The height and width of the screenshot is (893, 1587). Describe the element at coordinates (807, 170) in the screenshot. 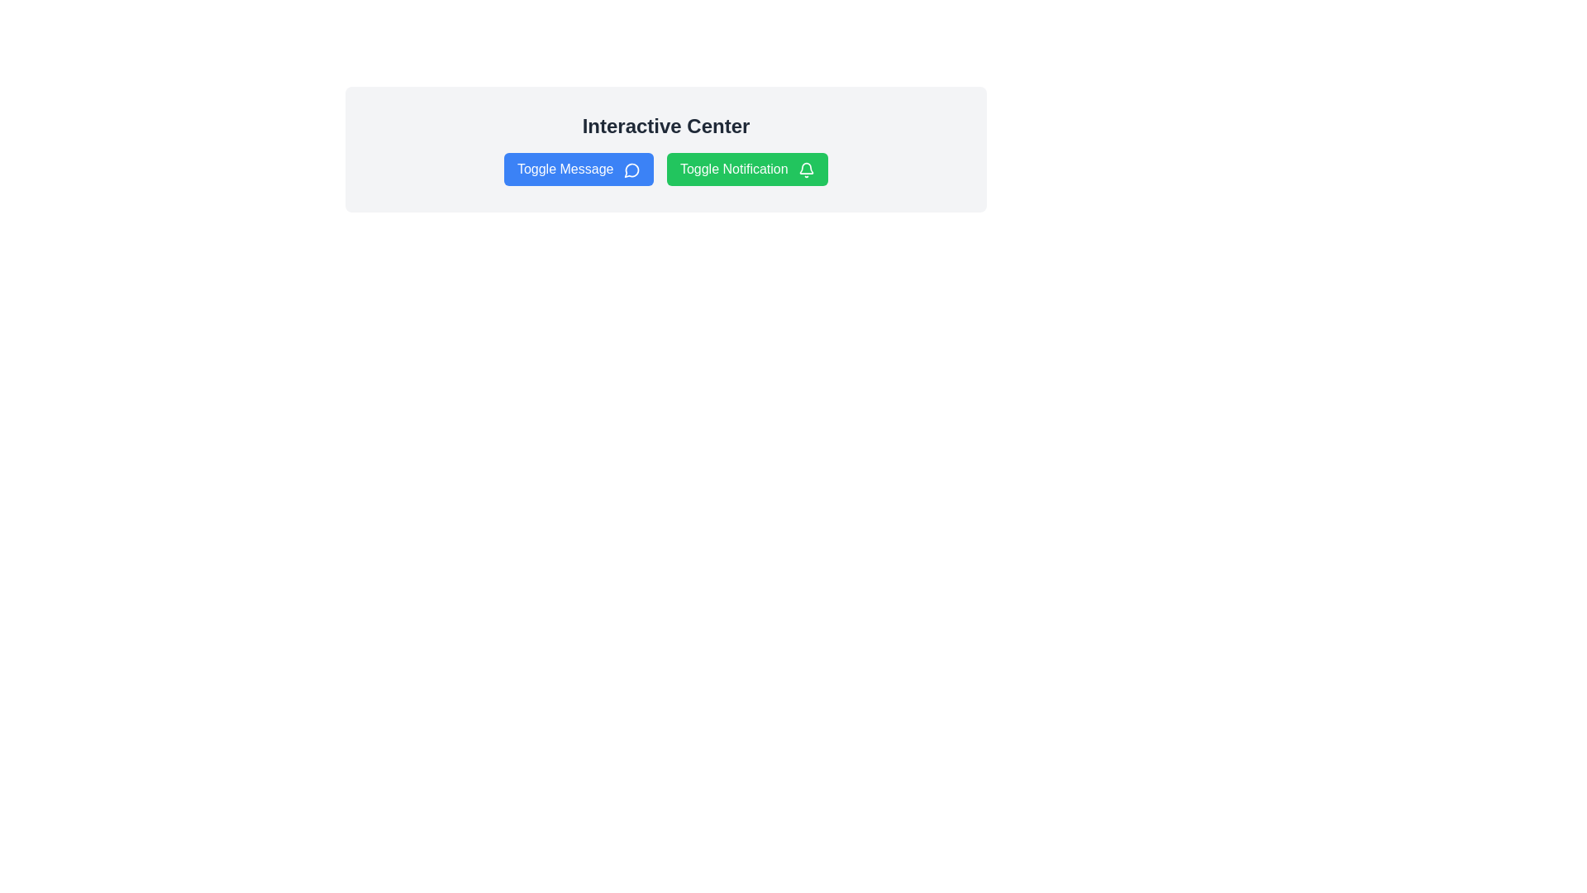

I see `the small bell icon, which is an SVG graphic located at the far right of the 'Toggle Notification' button, visually distinct from the text label` at that location.